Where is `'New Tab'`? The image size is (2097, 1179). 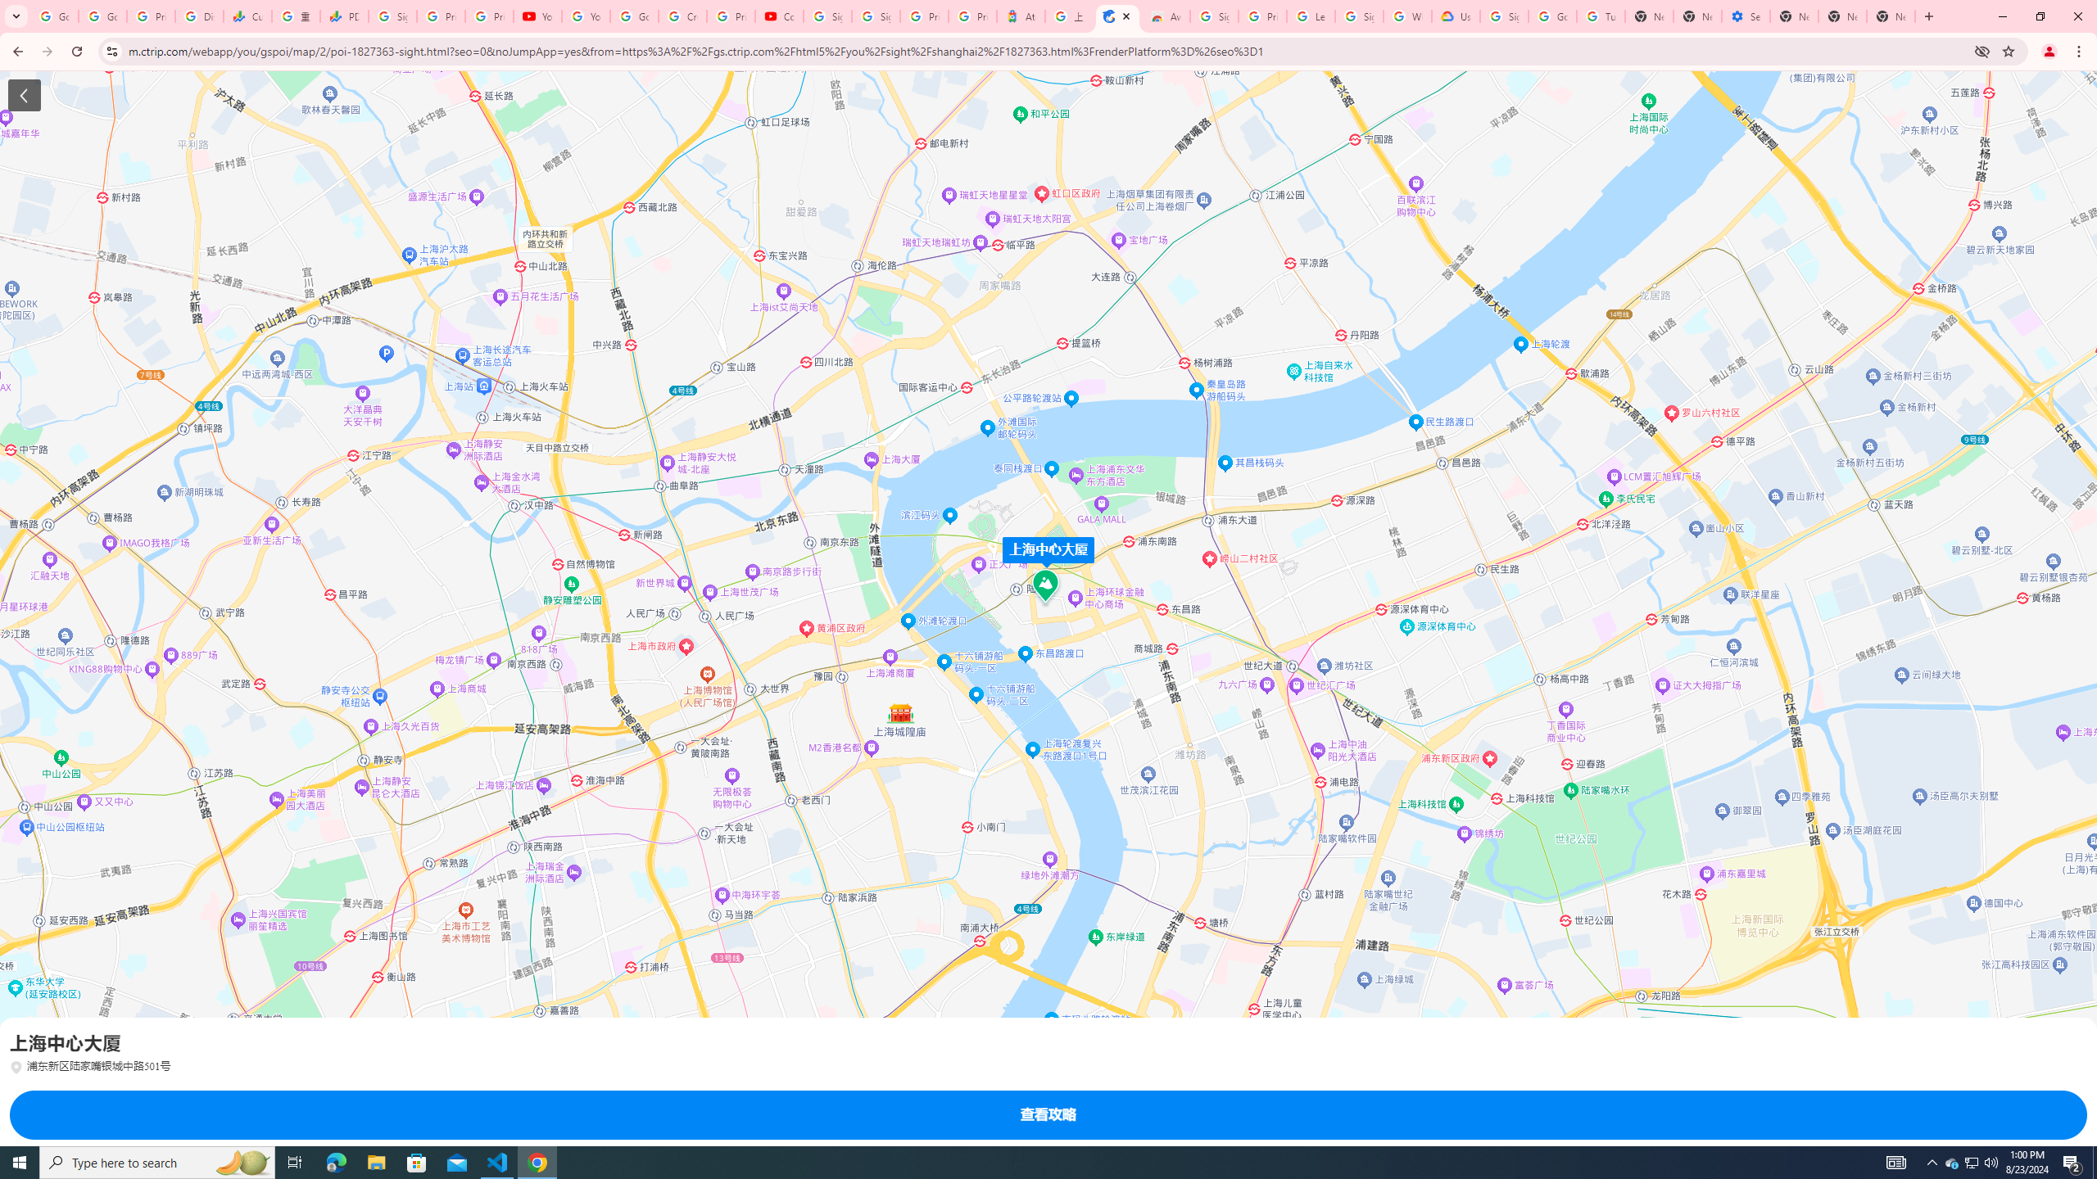 'New Tab' is located at coordinates (1891, 16).